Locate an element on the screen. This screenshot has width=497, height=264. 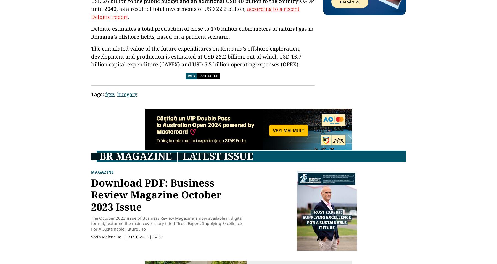
'The October 2023 issue of Business Review Magazine is now available in digital format, featuring the main cover story titled “Trust Expert: Supplying Excellence For A Sustainable Future”. To' is located at coordinates (91, 223).